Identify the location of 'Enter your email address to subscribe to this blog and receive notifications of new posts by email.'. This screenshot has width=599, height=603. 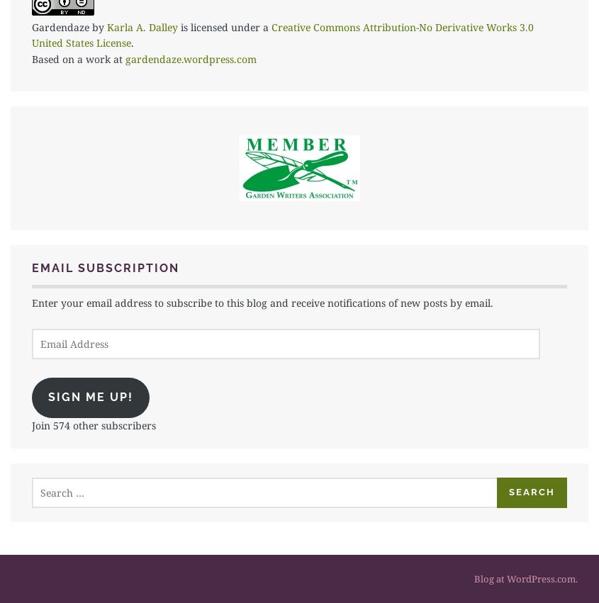
(262, 302).